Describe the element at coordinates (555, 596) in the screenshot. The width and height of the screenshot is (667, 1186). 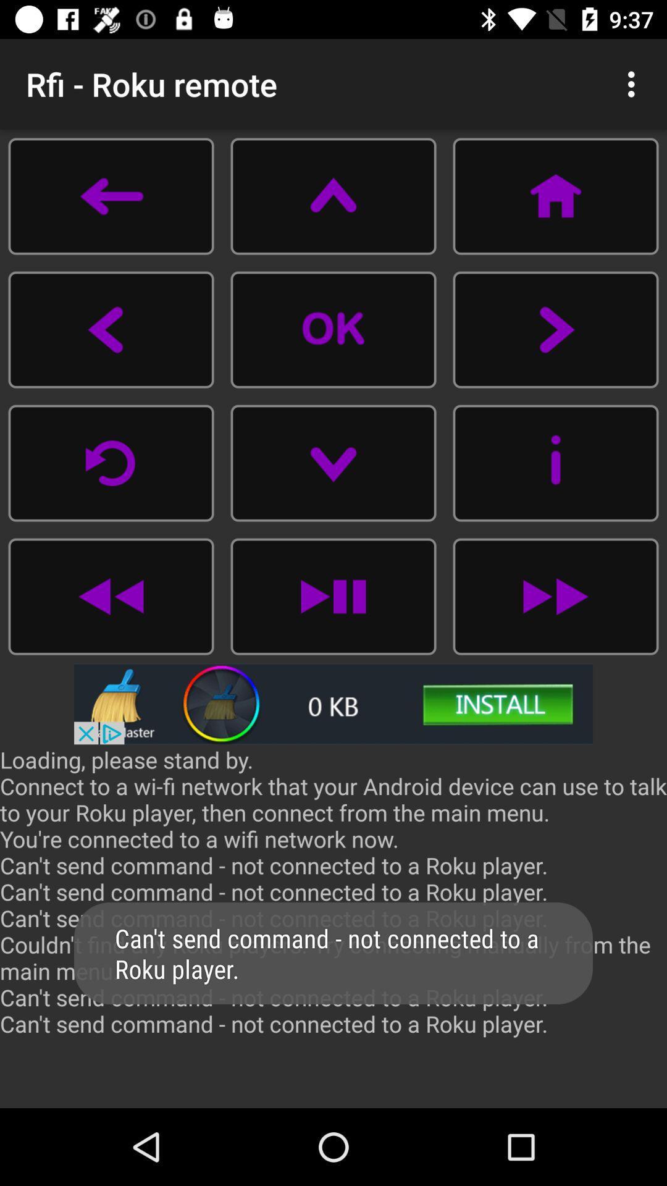
I see `go next` at that location.